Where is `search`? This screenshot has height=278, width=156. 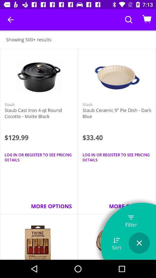
search is located at coordinates (129, 20).